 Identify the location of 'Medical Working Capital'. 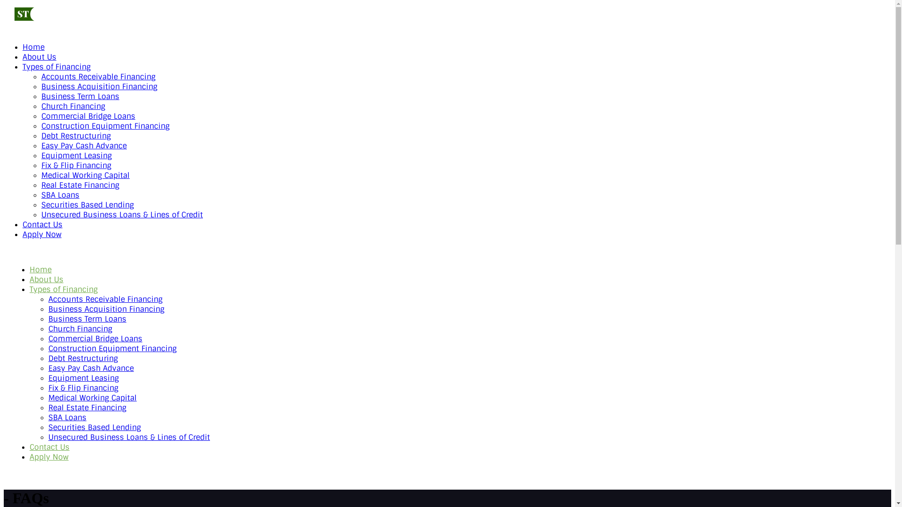
(86, 175).